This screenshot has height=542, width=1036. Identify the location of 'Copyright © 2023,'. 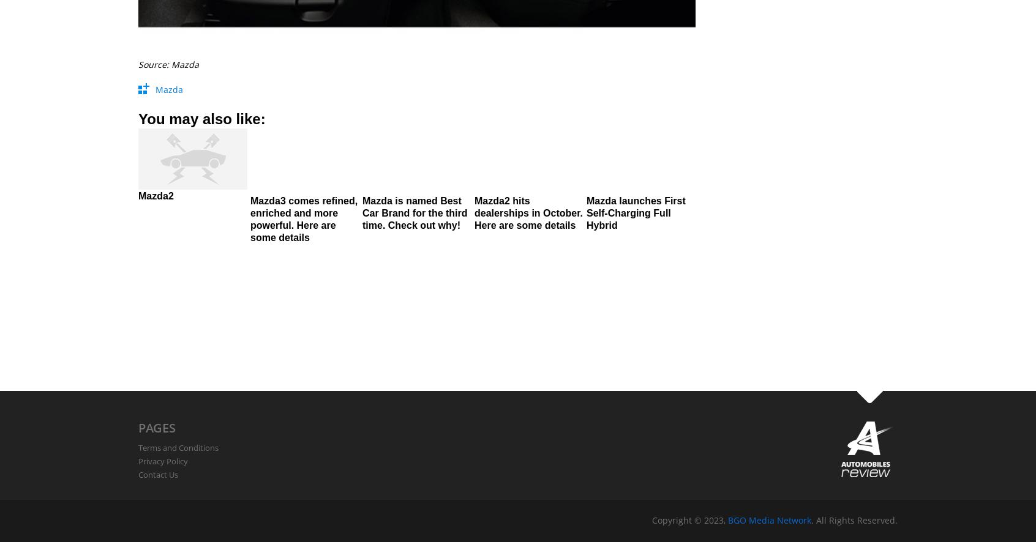
(690, 519).